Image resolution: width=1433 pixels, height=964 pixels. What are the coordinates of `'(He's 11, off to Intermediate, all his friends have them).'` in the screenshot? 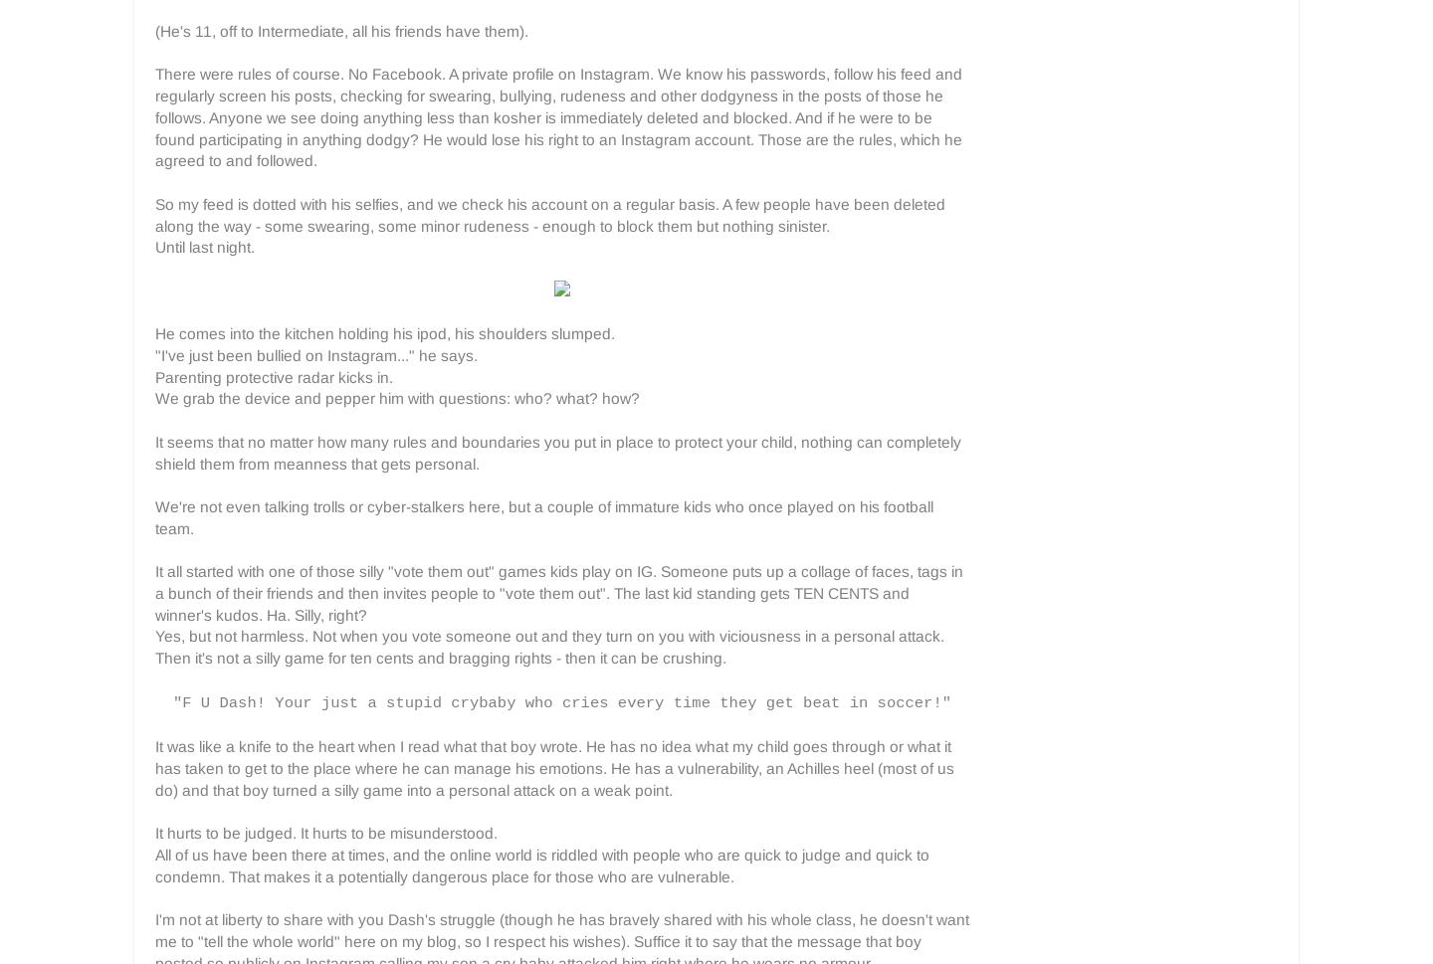 It's located at (341, 30).